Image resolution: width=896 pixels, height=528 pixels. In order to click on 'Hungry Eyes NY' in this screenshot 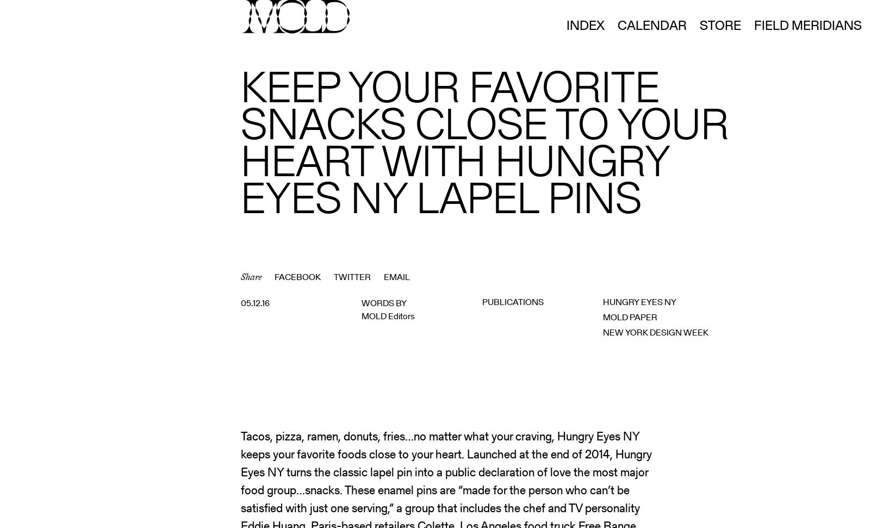, I will do `click(639, 302)`.